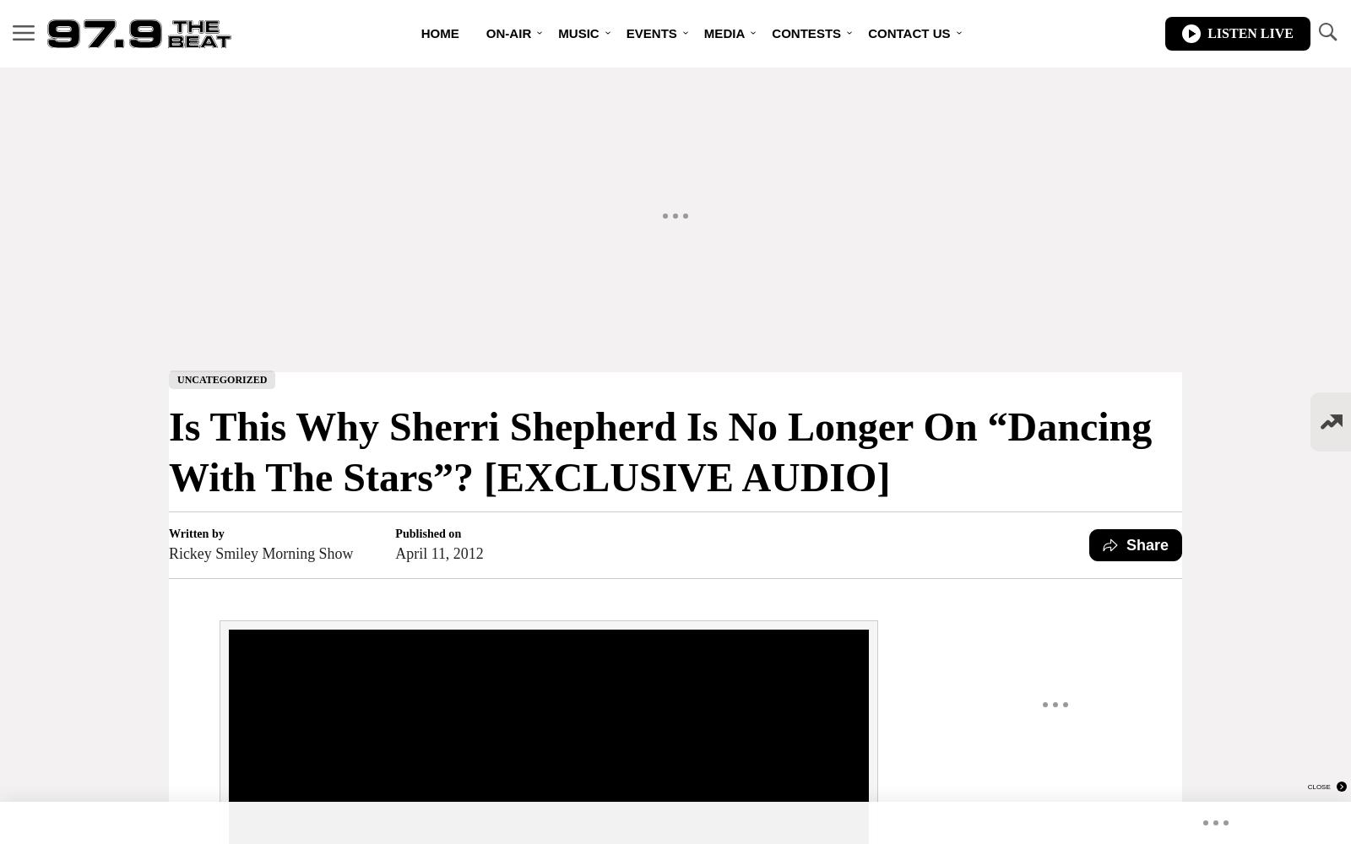 Image resolution: width=1351 pixels, height=844 pixels. What do you see at coordinates (643, 127) in the screenshot?
I see `'Artist Music Promo – Sales Packages'` at bounding box center [643, 127].